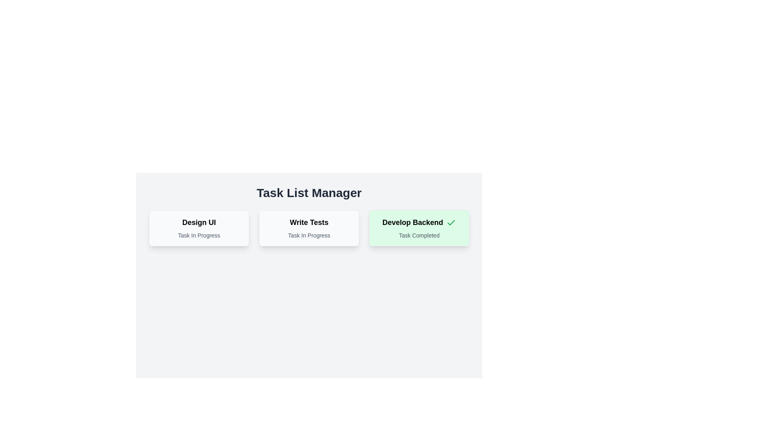  Describe the element at coordinates (199, 235) in the screenshot. I see `status text label indicating the current state of the 'Design UI' task, which shows 'In Progress'` at that location.